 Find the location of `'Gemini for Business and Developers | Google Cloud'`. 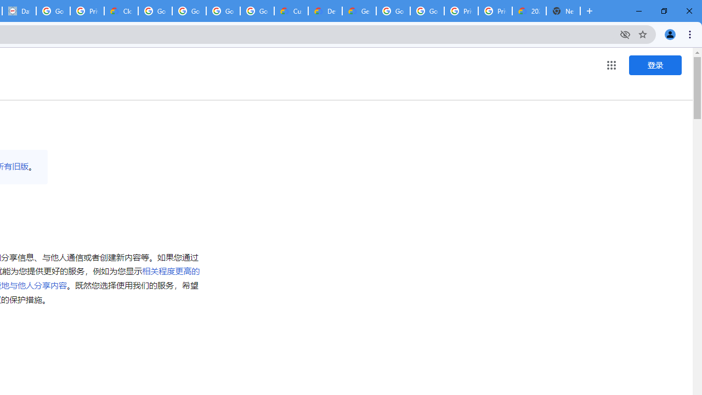

'Gemini for Business and Developers | Google Cloud' is located at coordinates (359, 11).